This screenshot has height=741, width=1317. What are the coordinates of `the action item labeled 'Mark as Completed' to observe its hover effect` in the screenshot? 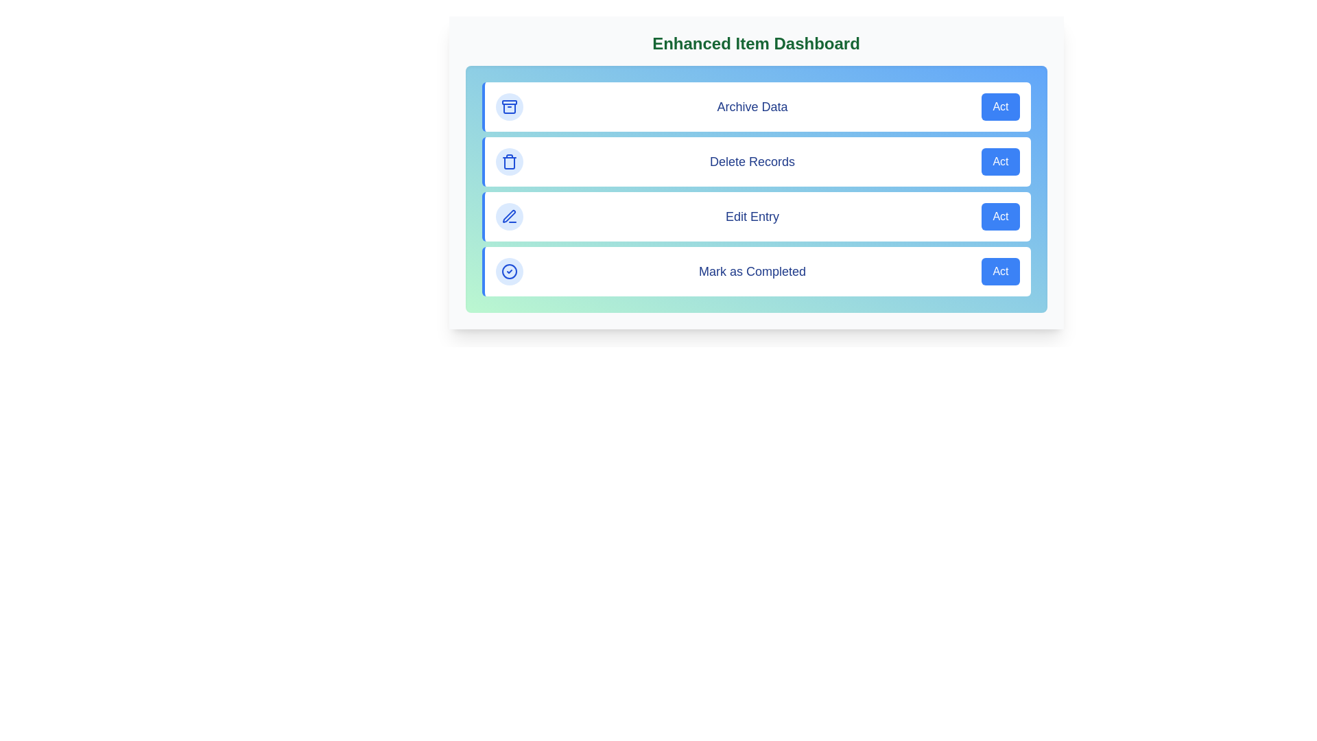 It's located at (755, 272).